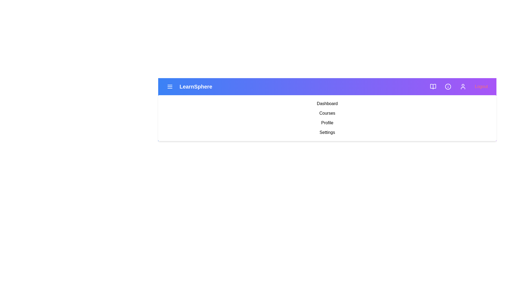 The width and height of the screenshot is (513, 288). What do you see at coordinates (433, 86) in the screenshot?
I see `the BookOpen icon in the navigation bar` at bounding box center [433, 86].